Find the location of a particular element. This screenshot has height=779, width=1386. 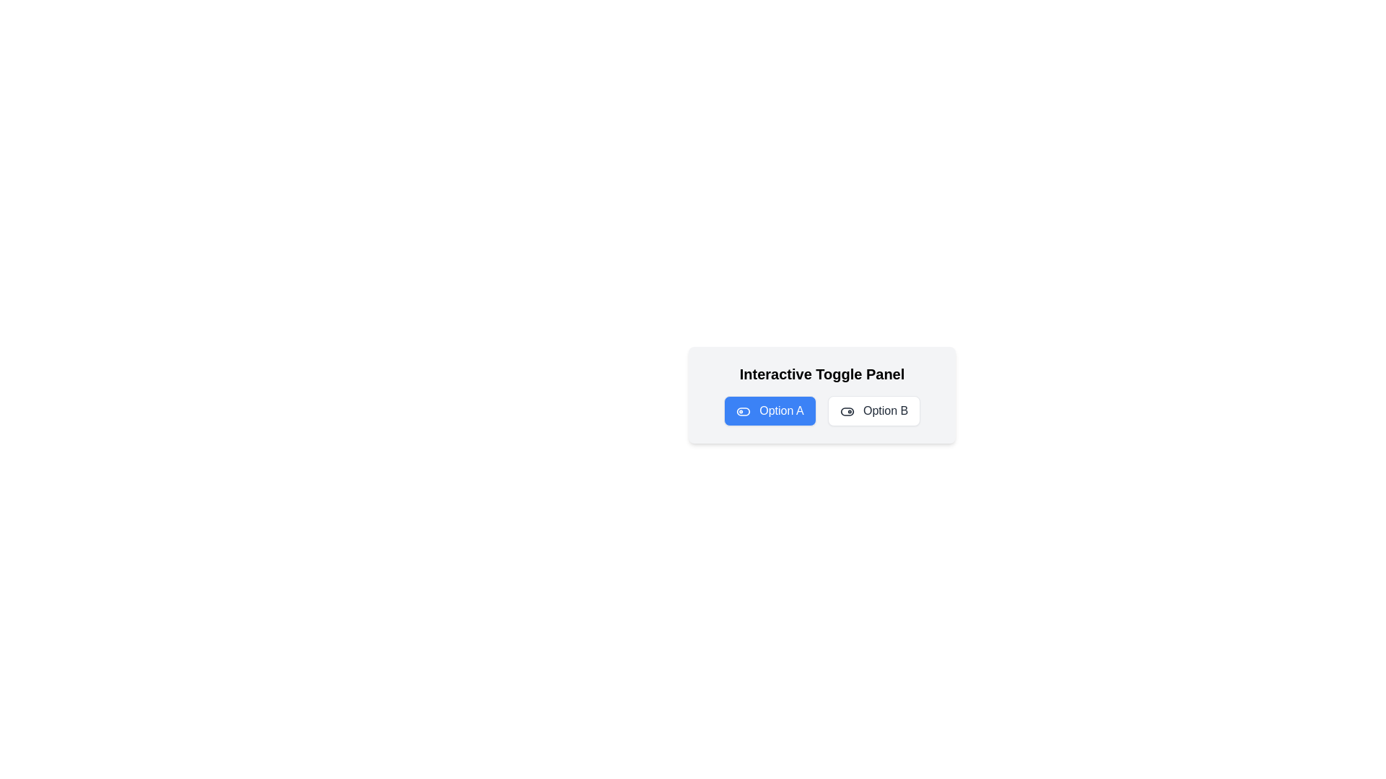

the rectangular button labeled 'Option B' with a white background and gray text is located at coordinates (873, 411).